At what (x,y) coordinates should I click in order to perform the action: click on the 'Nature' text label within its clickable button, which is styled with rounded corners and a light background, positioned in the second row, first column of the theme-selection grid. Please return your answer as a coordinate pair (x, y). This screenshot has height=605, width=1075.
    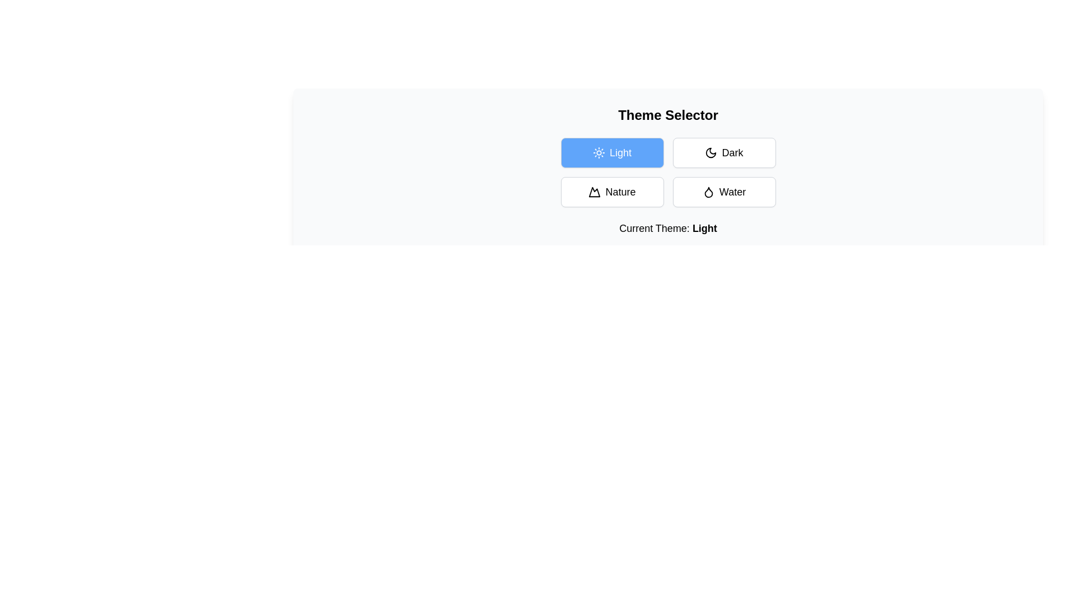
    Looking at the image, I should click on (620, 192).